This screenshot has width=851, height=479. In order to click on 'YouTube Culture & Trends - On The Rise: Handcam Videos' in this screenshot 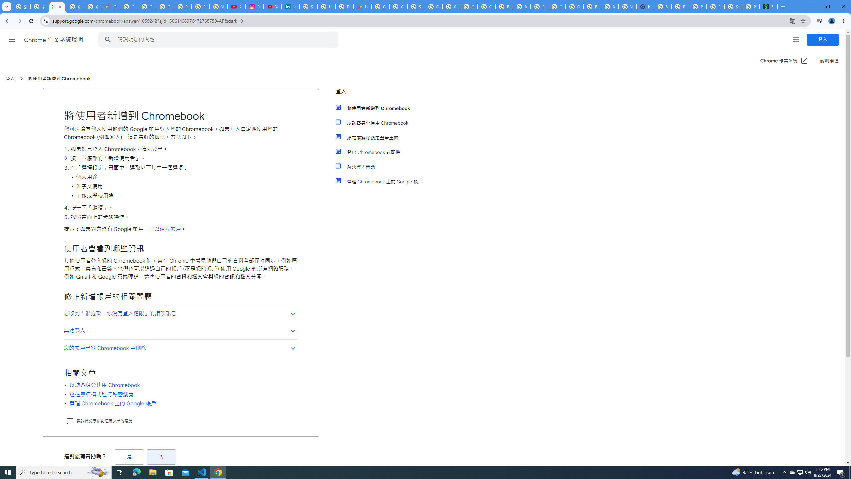, I will do `click(272, 6)`.